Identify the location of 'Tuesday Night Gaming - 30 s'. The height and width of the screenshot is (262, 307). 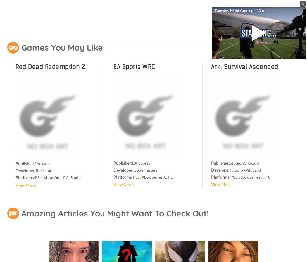
(239, 10).